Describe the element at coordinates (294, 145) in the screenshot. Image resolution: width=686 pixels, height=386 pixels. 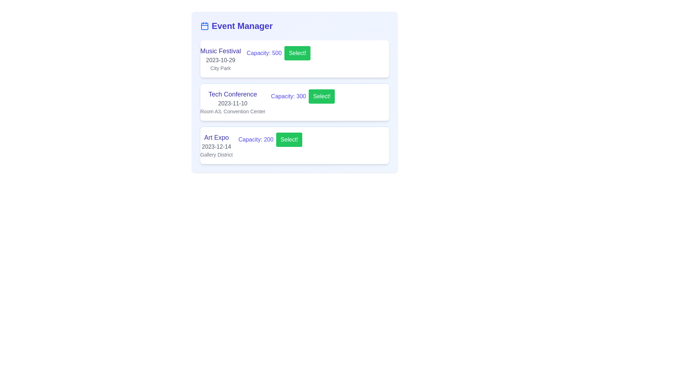
I see `the green 'Select!' button located on the 'Art Expo' event card, which is the third card in a vertical list of event descriptions` at that location.